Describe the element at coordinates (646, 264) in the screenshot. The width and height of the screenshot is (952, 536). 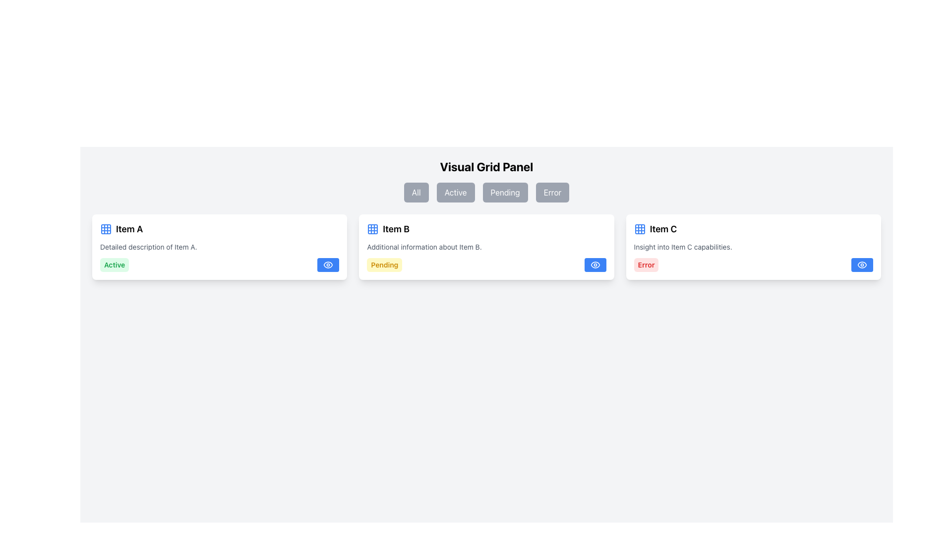
I see `the status indicator label indicating an error state for 'Item C', located at the bottom-left corner of the card` at that location.